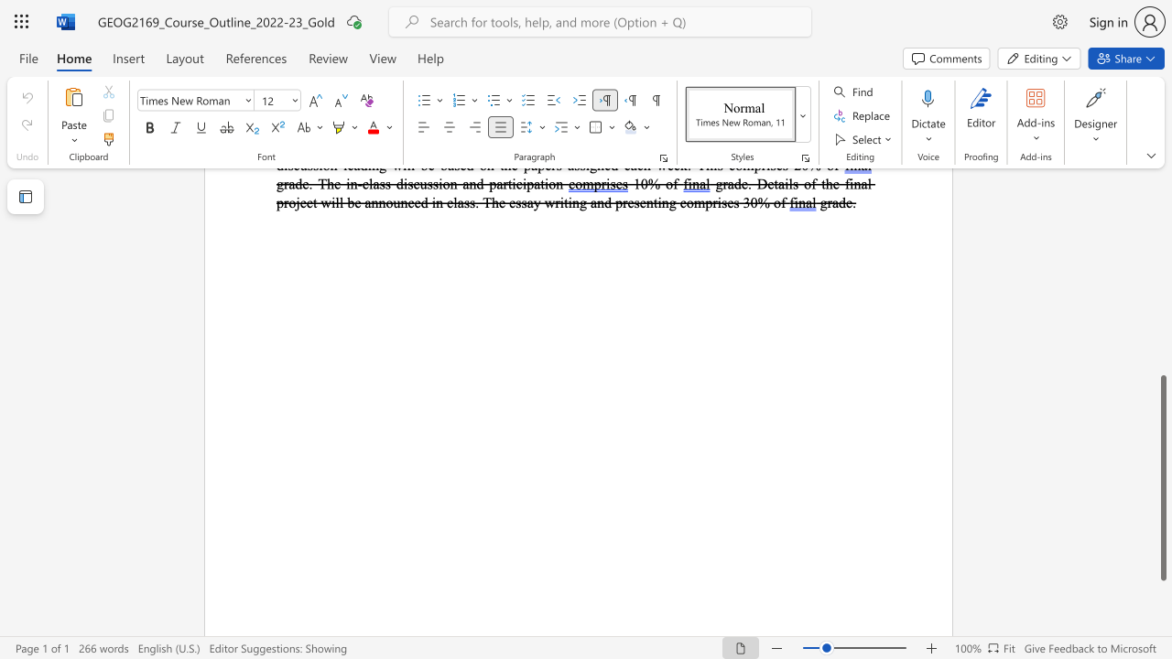  Describe the element at coordinates (1162, 275) in the screenshot. I see `the scrollbar to adjust the page upward` at that location.